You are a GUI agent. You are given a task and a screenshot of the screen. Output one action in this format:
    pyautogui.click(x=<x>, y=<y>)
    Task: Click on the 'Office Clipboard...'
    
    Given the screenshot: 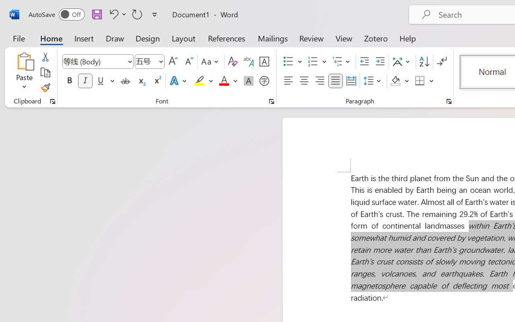 What is the action you would take?
    pyautogui.click(x=52, y=101)
    